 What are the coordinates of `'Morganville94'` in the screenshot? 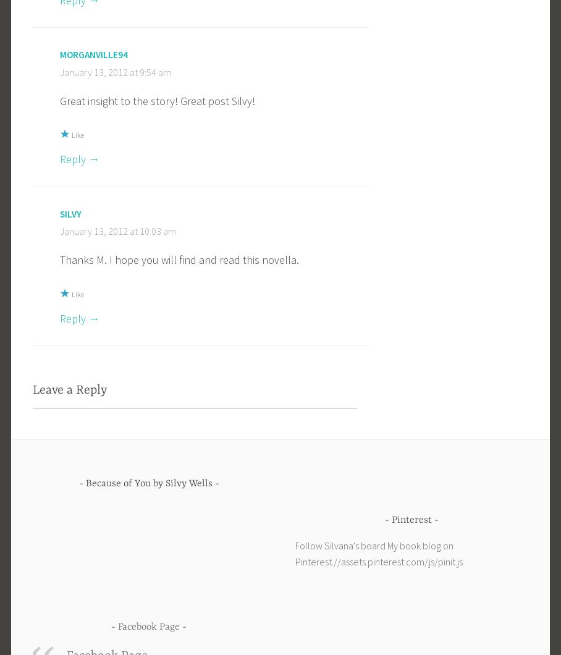 It's located at (93, 54).